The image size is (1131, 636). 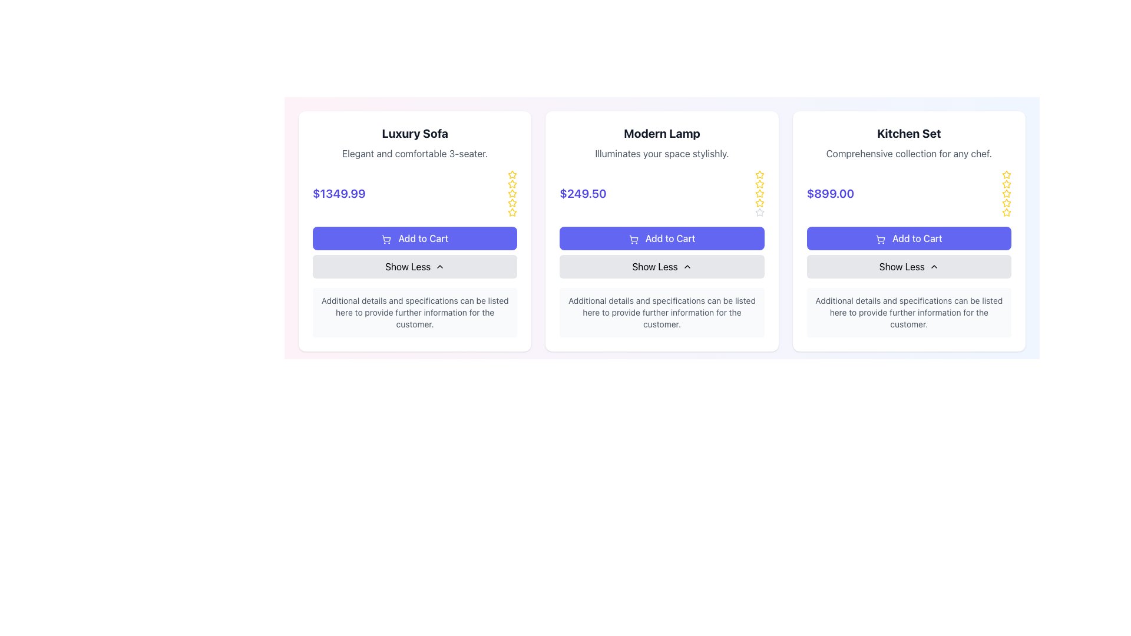 What do you see at coordinates (759, 193) in the screenshot?
I see `the sixth unselected rating star icon for the product 'Modern Lamp', located in the rightmost portion of the product card` at bounding box center [759, 193].